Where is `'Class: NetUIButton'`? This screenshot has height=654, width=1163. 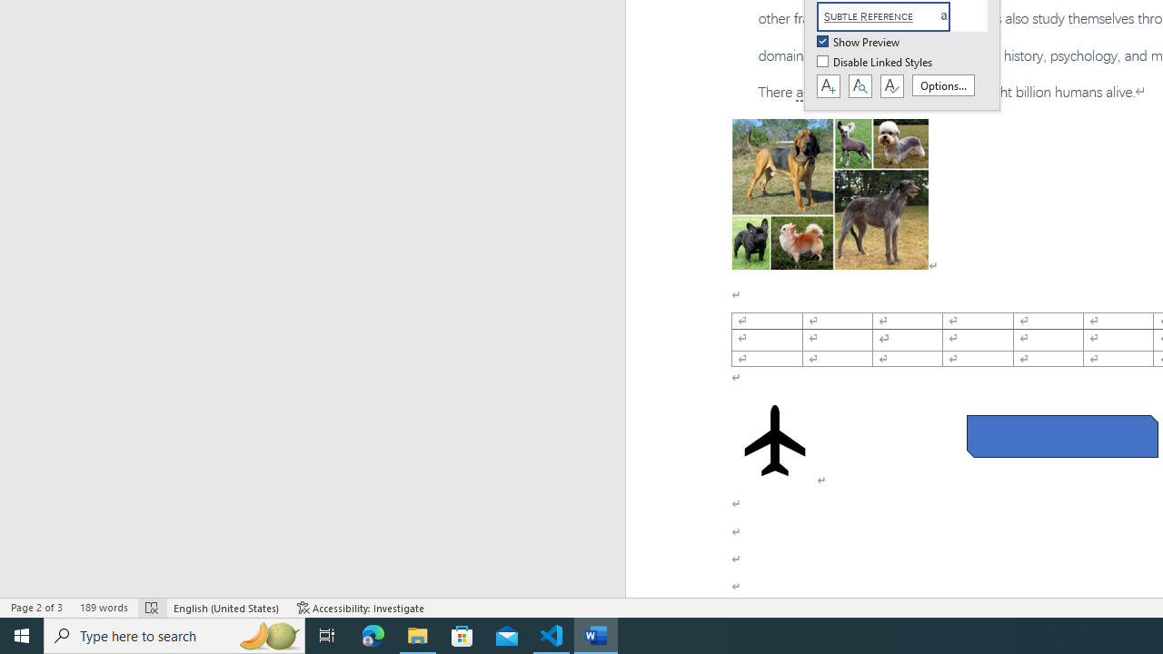 'Class: NetUIButton' is located at coordinates (891, 86).